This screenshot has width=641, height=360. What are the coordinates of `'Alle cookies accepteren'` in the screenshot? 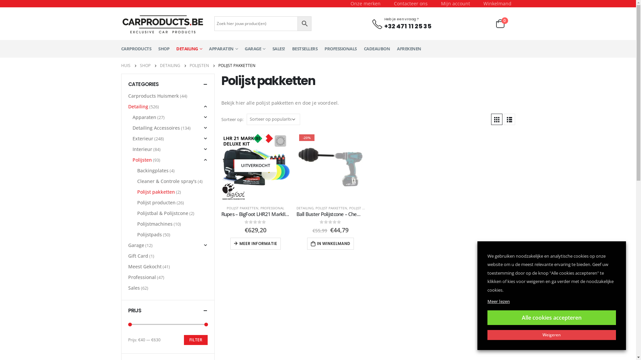 It's located at (552, 317).